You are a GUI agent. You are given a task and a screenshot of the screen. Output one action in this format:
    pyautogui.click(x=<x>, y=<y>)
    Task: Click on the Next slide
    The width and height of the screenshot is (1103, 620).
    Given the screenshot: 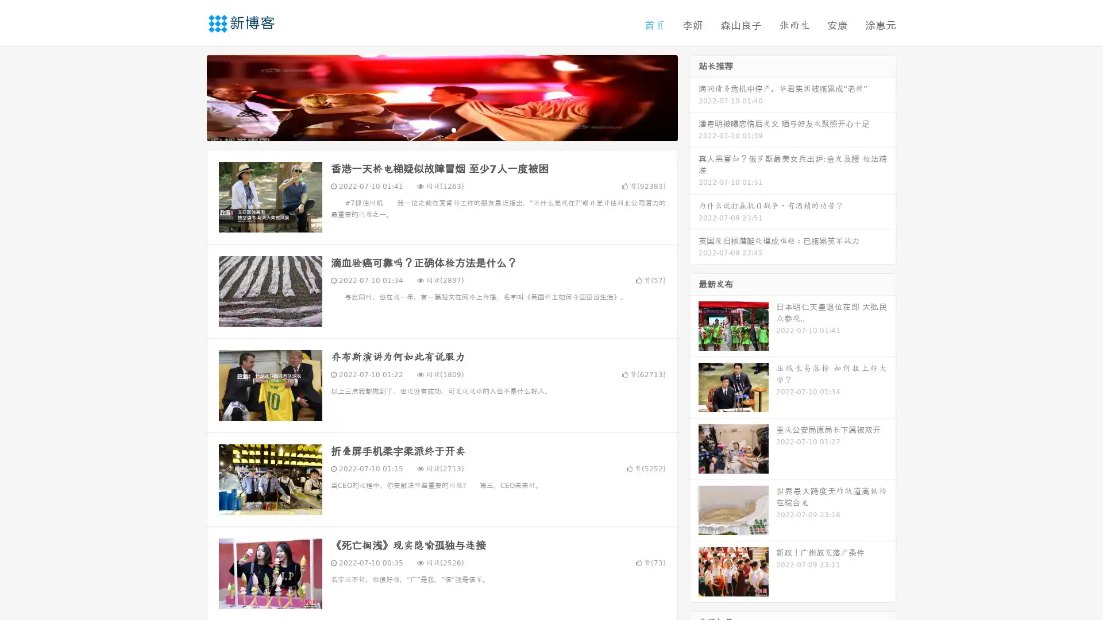 What is the action you would take?
    pyautogui.click(x=694, y=96)
    